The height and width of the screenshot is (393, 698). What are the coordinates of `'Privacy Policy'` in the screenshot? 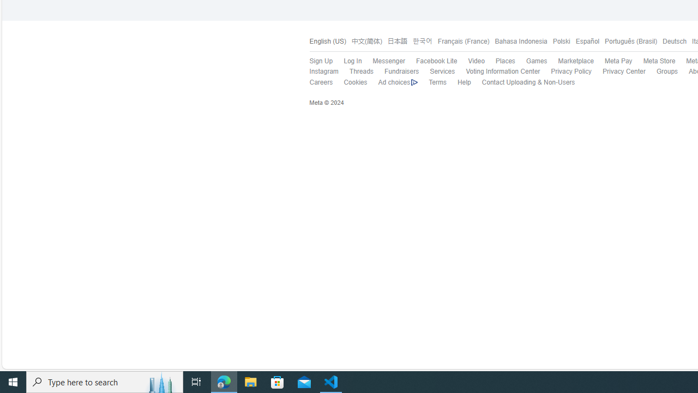 It's located at (565, 72).